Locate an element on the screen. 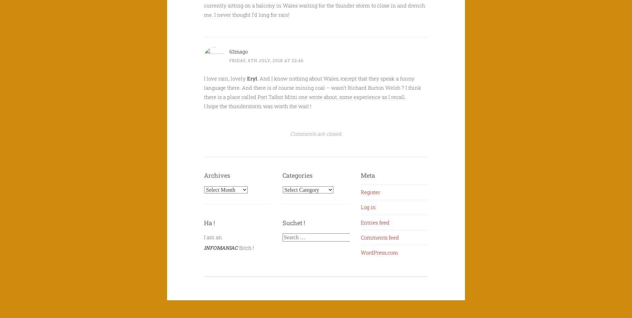 This screenshot has height=318, width=632. 'Suchet !' is located at coordinates (293, 222).